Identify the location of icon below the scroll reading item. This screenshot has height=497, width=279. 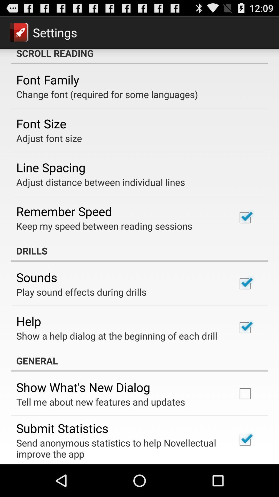
(48, 79).